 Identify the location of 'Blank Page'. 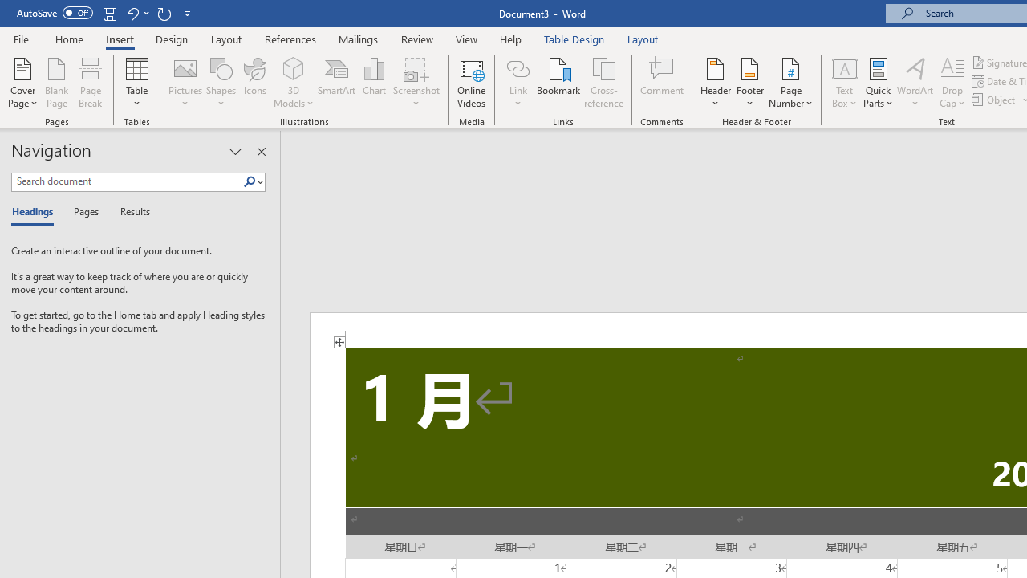
(57, 83).